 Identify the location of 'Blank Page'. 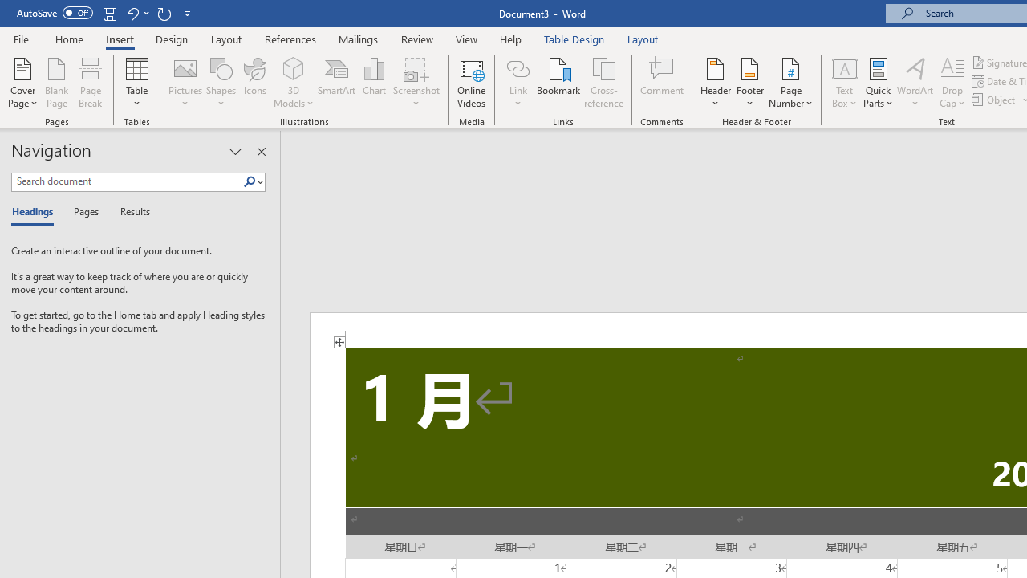
(57, 83).